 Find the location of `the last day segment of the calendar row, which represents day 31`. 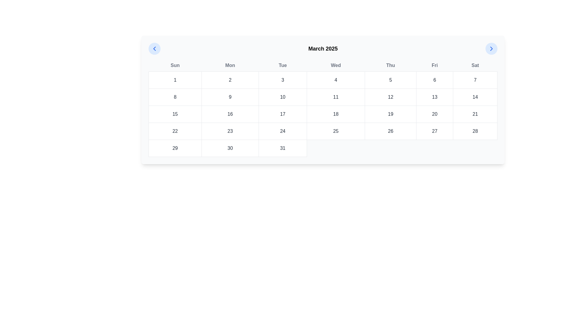

the last day segment of the calendar row, which represents day 31 is located at coordinates (323, 148).